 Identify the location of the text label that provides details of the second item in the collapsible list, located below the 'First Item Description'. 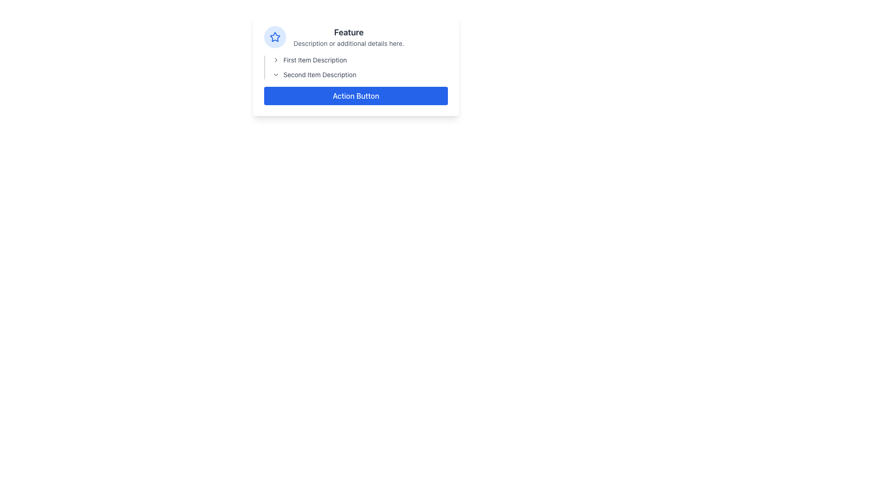
(320, 74).